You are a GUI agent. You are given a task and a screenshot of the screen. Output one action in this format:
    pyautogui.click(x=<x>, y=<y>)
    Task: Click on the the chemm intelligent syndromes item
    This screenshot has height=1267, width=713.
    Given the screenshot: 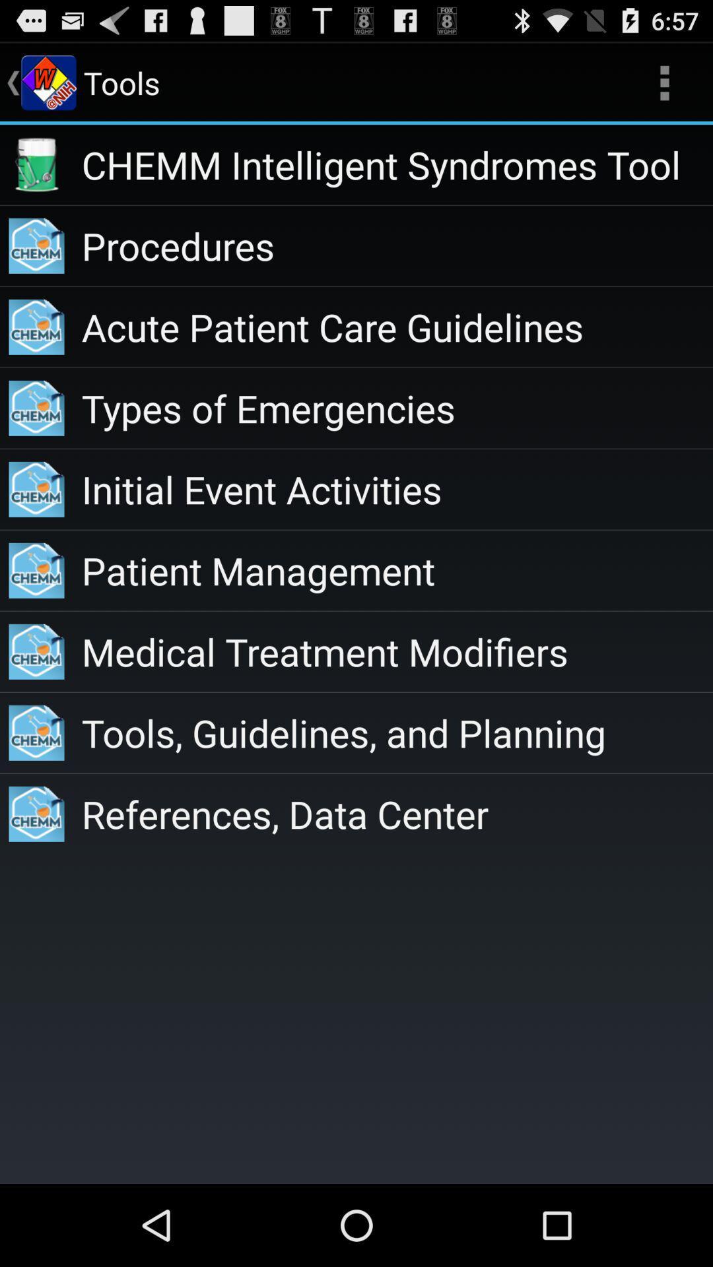 What is the action you would take?
    pyautogui.click(x=396, y=164)
    